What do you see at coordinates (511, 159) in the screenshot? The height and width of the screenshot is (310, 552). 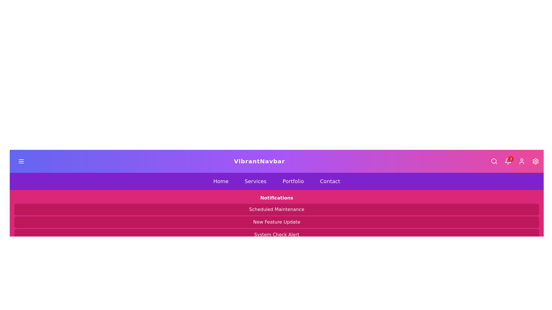 I see `the notification badge displaying the number '3', which is a small circular red badge positioned on top of a bell icon in the navigation bar` at bounding box center [511, 159].